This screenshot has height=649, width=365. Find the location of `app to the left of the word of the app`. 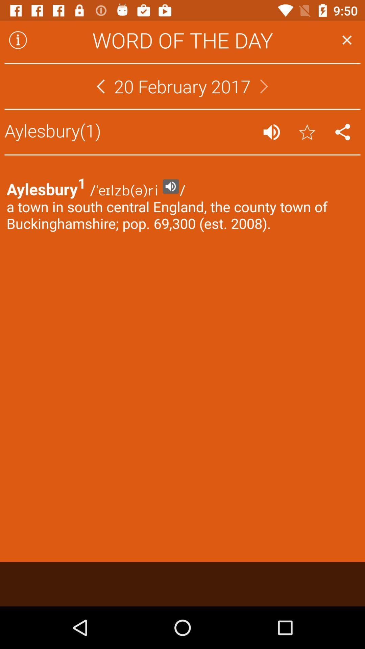

app to the left of the word of the app is located at coordinates (18, 40).